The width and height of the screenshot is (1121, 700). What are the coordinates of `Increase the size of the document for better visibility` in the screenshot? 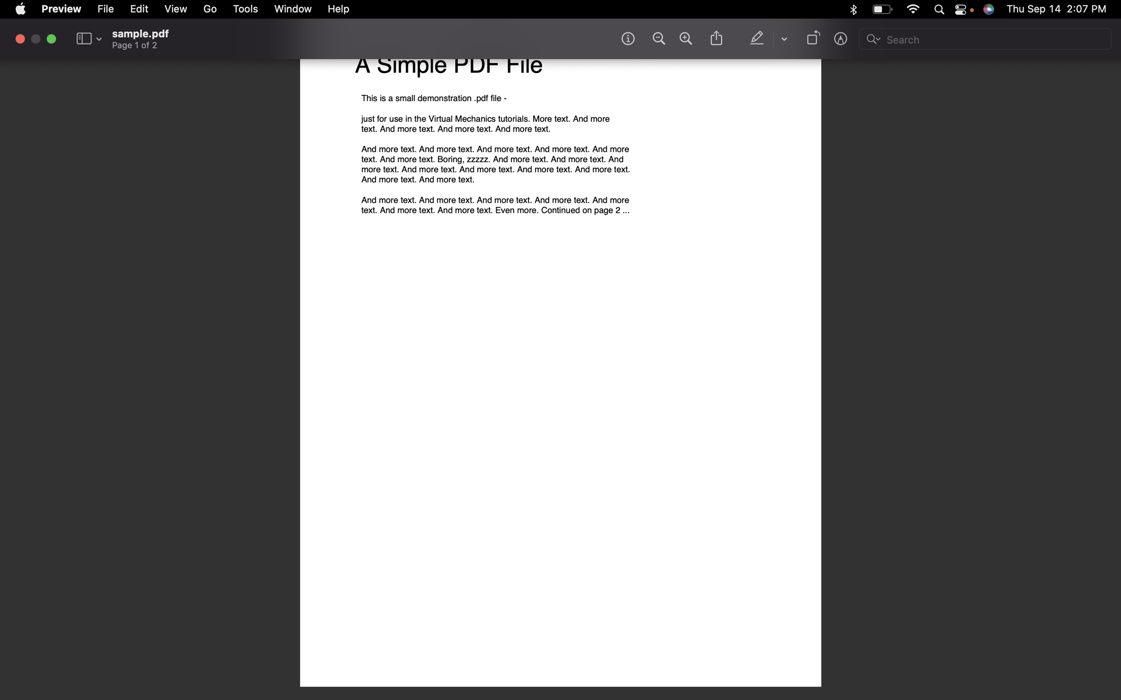 It's located at (685, 38).